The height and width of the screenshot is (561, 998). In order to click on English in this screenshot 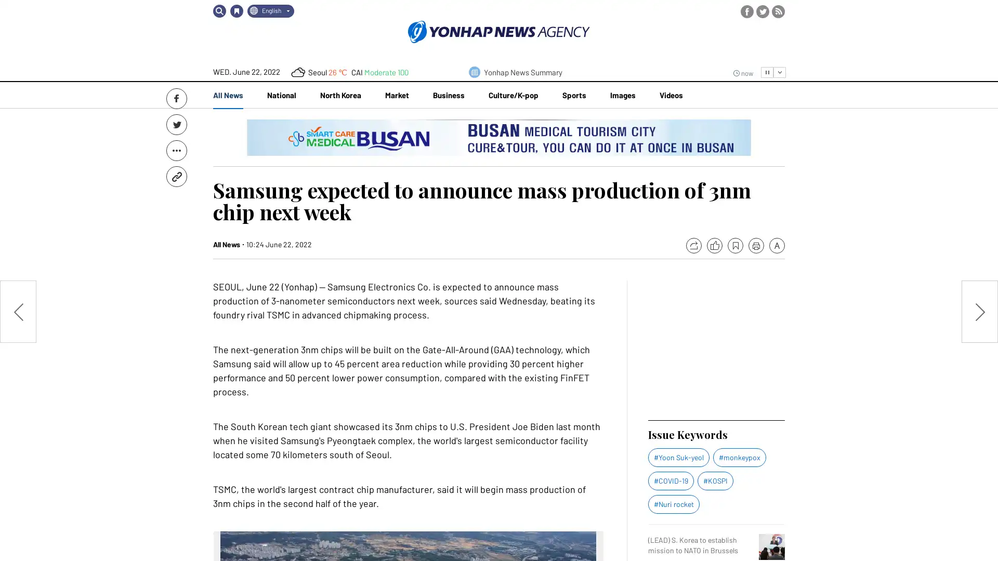, I will do `click(271, 11)`.